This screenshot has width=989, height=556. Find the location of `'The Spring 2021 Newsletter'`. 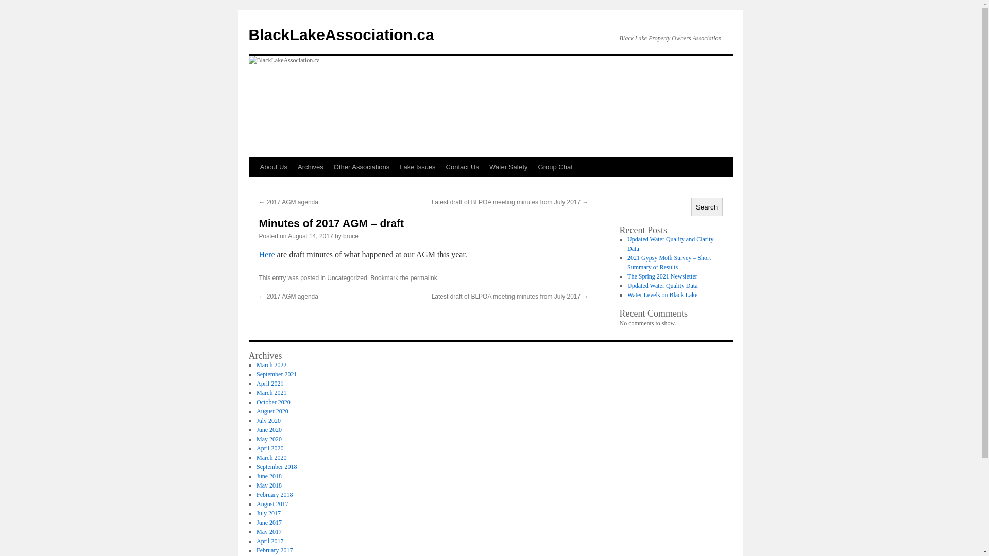

'The Spring 2021 Newsletter' is located at coordinates (627, 275).